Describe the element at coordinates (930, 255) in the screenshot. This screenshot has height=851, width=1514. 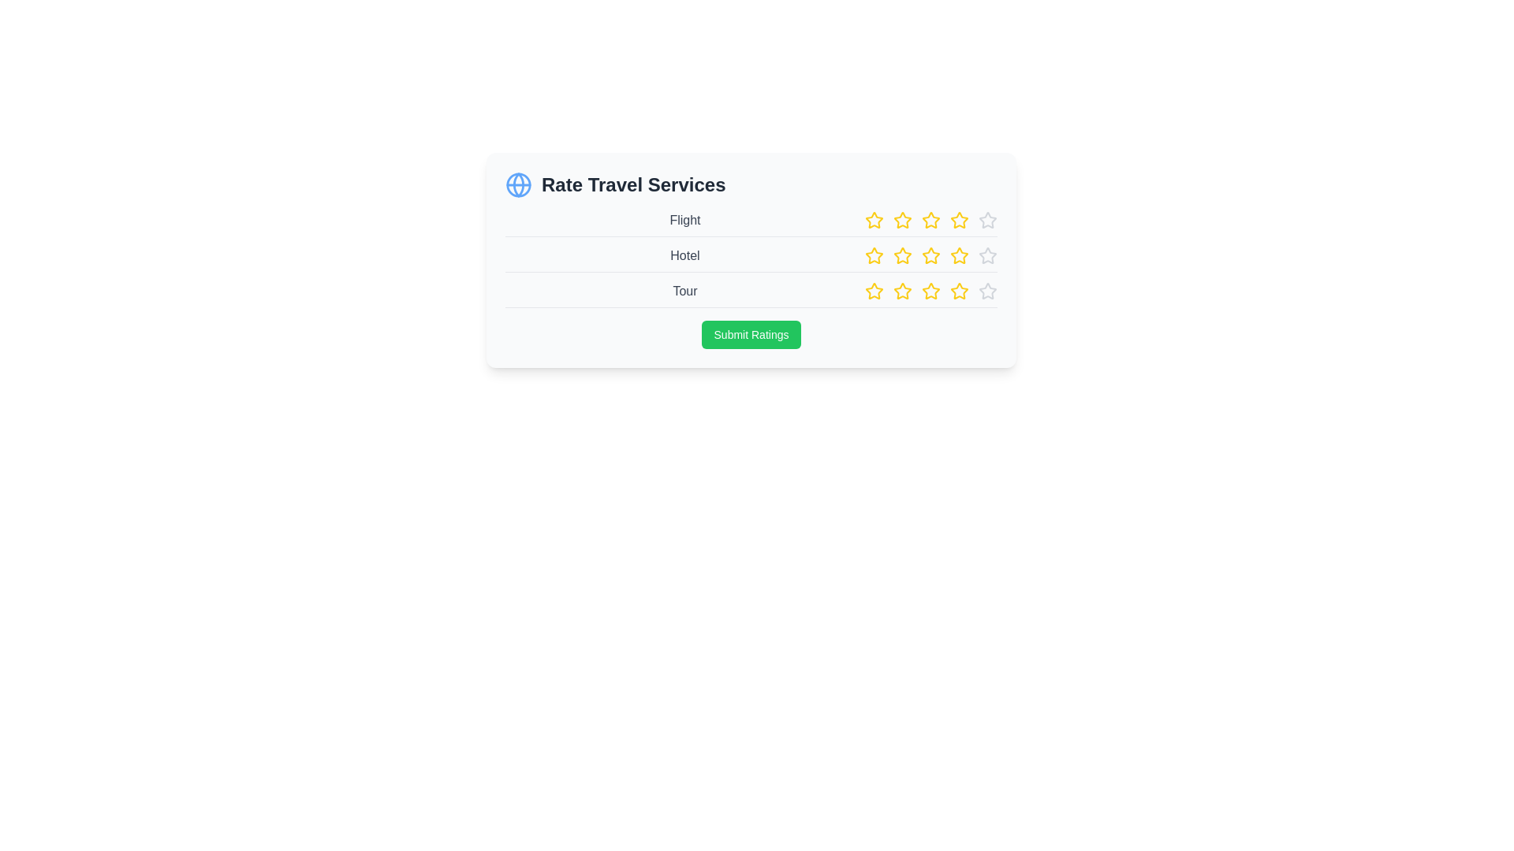
I see `the star in the rating component labeled 'Hotel' in the third row under 'Rate Travel Services'` at that location.